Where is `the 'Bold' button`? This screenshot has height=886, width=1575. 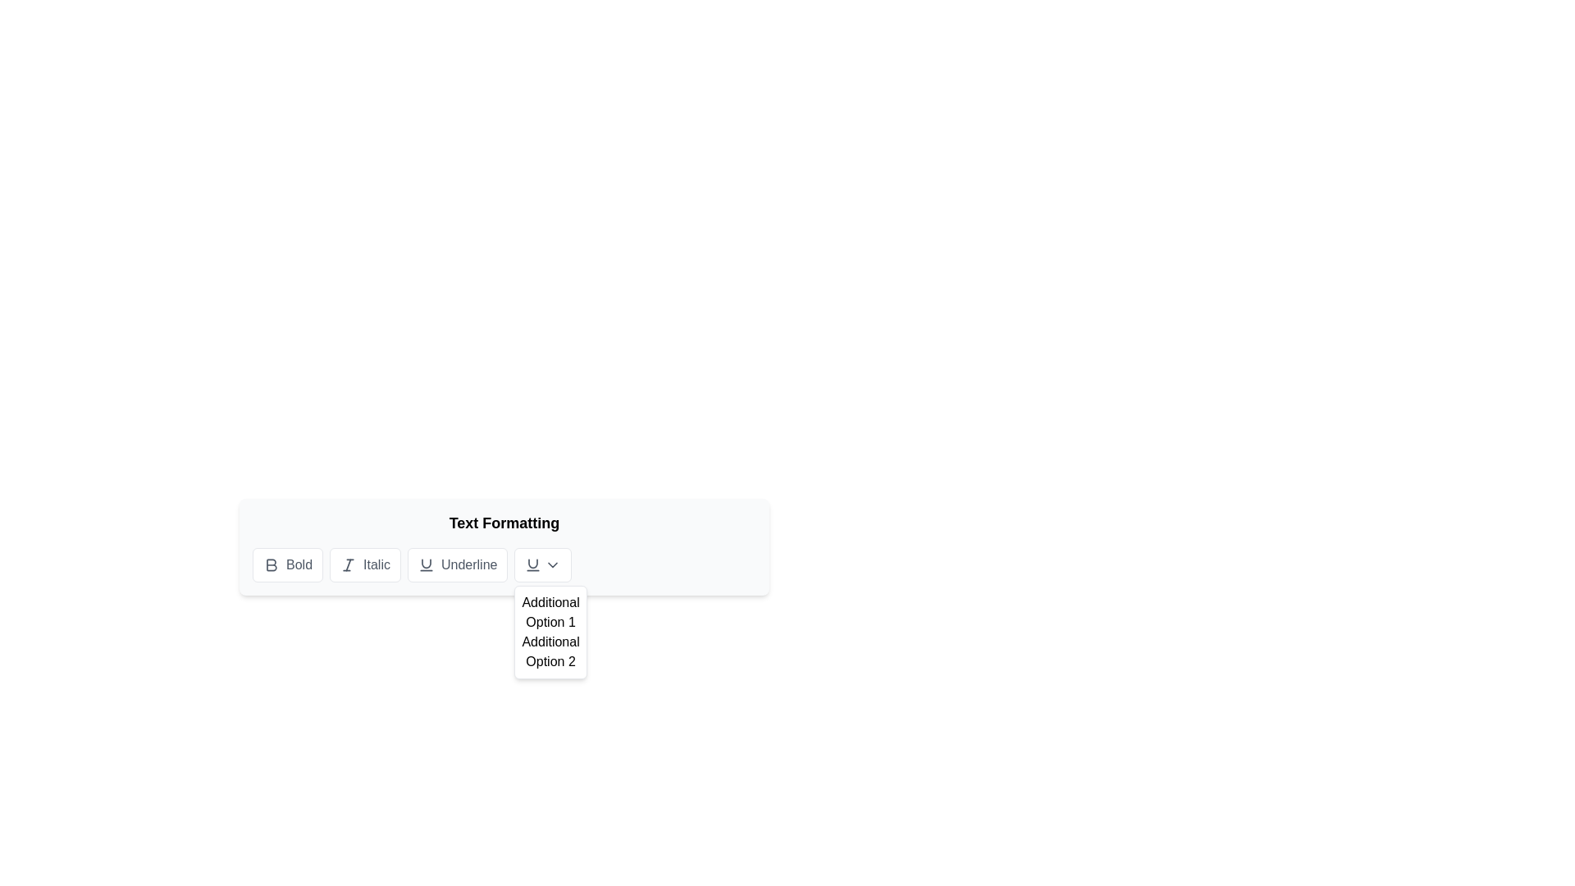 the 'Bold' button is located at coordinates (299, 564).